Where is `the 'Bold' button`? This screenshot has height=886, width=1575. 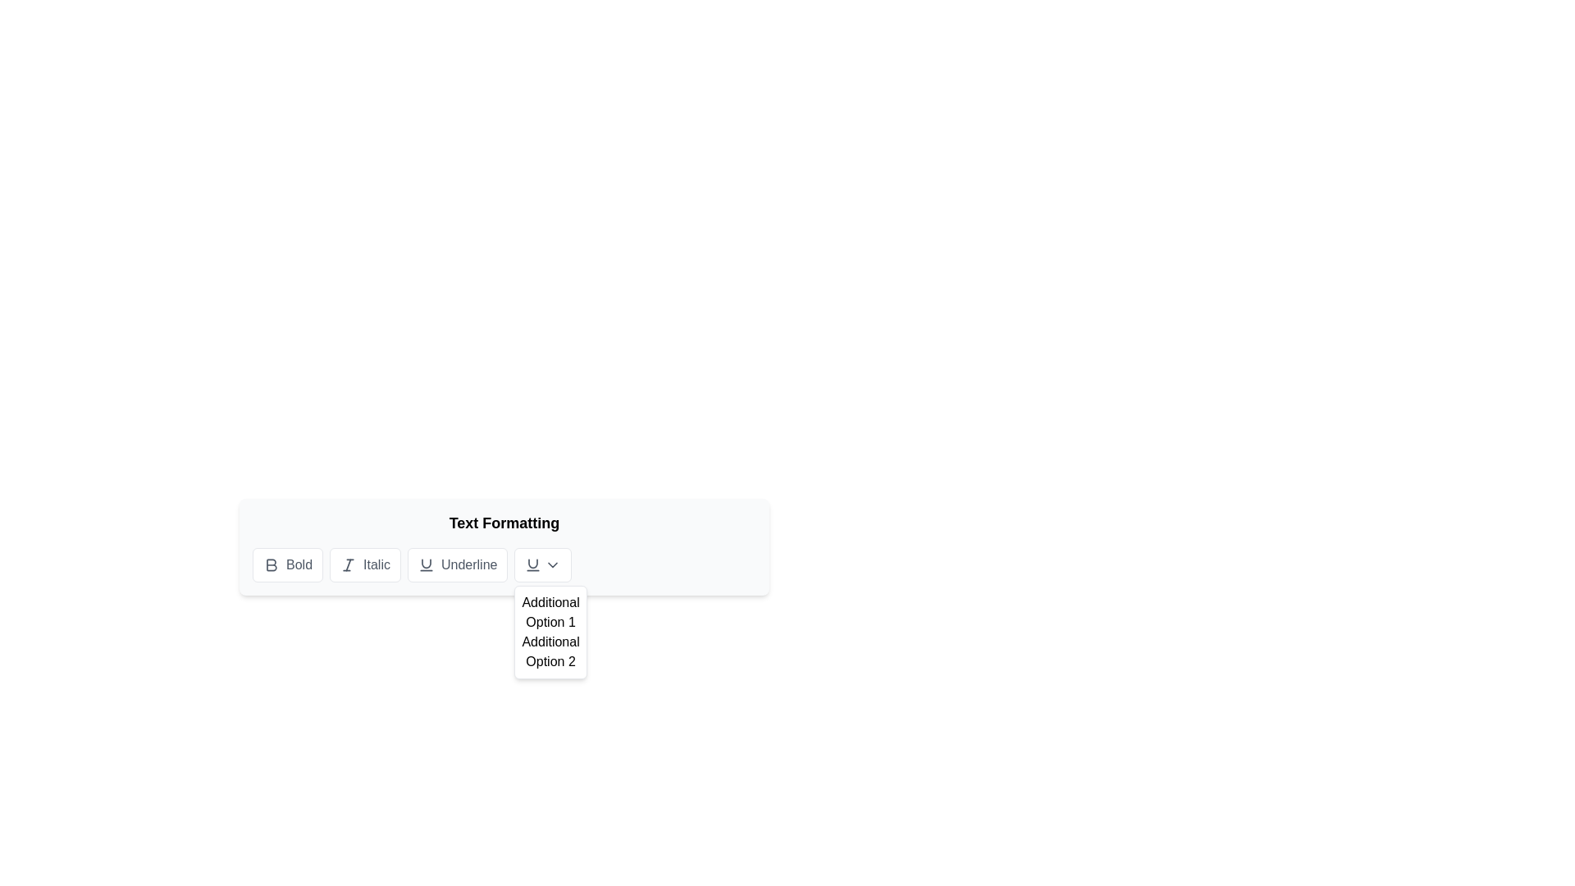 the 'Bold' button is located at coordinates (299, 564).